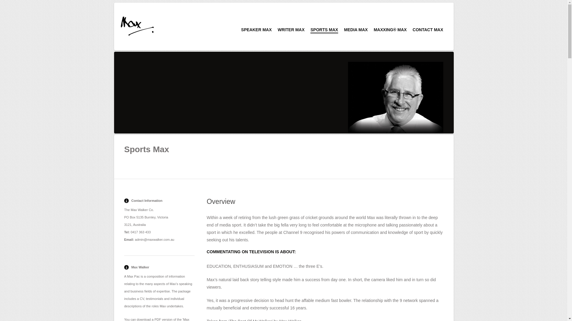 Image resolution: width=572 pixels, height=321 pixels. What do you see at coordinates (310, 31) in the screenshot?
I see `'SPORTS MAX'` at bounding box center [310, 31].